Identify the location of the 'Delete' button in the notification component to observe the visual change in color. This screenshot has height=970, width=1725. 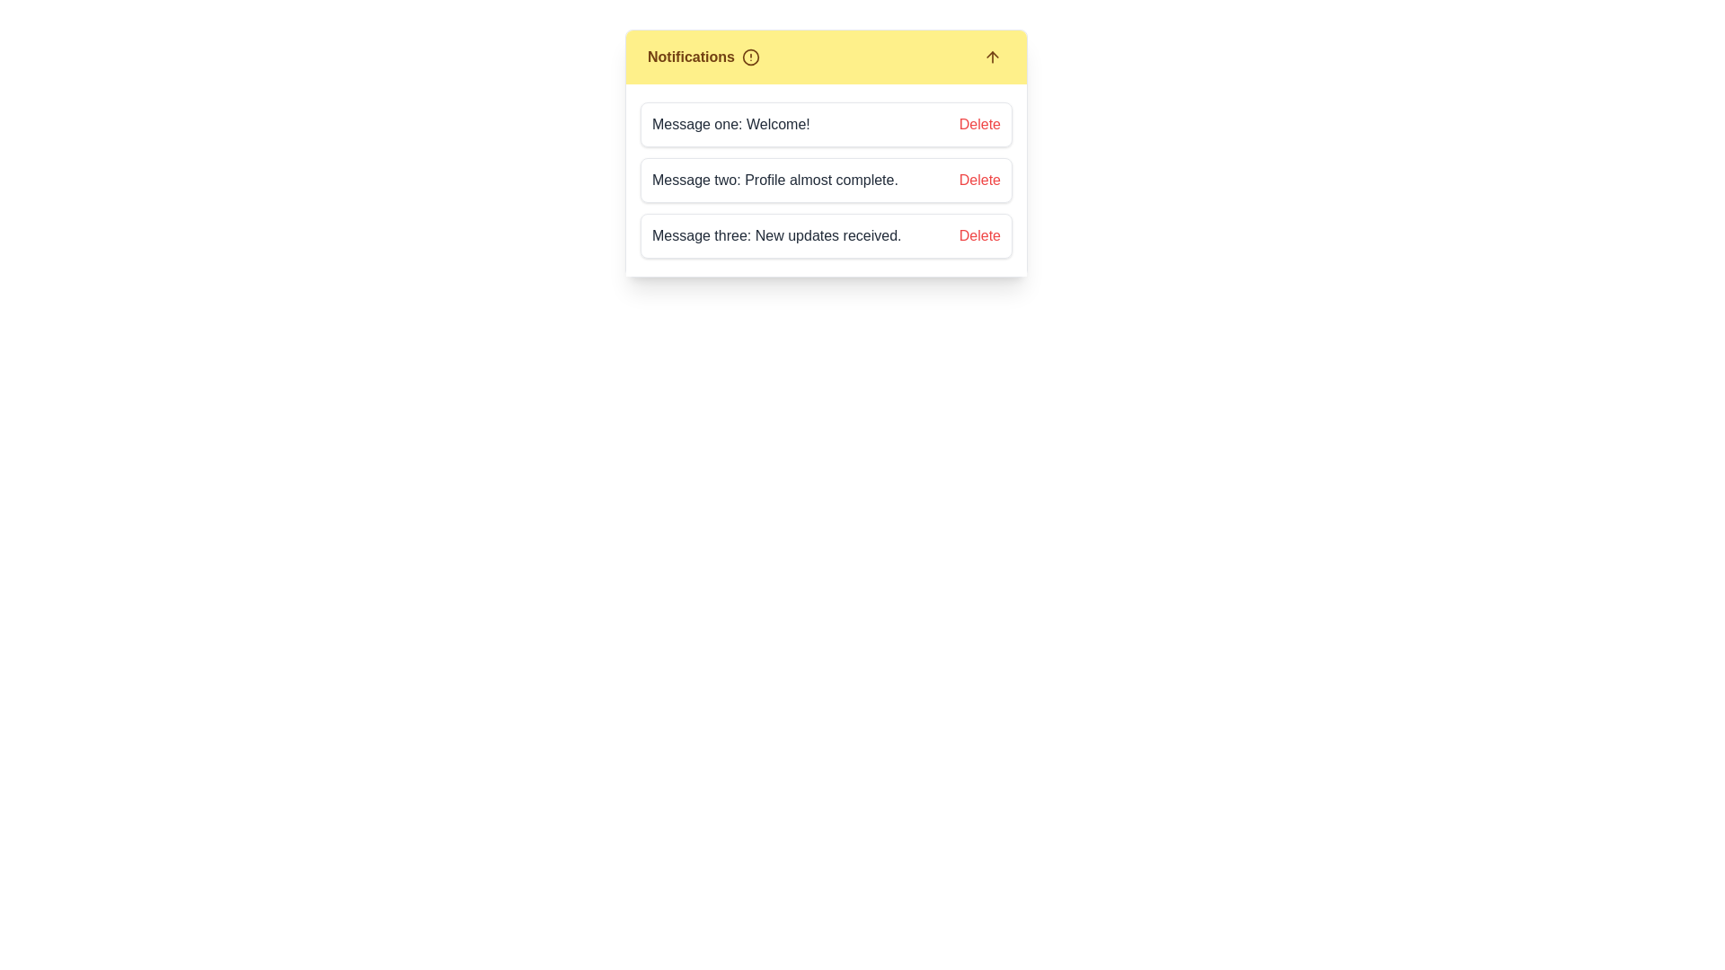
(978, 180).